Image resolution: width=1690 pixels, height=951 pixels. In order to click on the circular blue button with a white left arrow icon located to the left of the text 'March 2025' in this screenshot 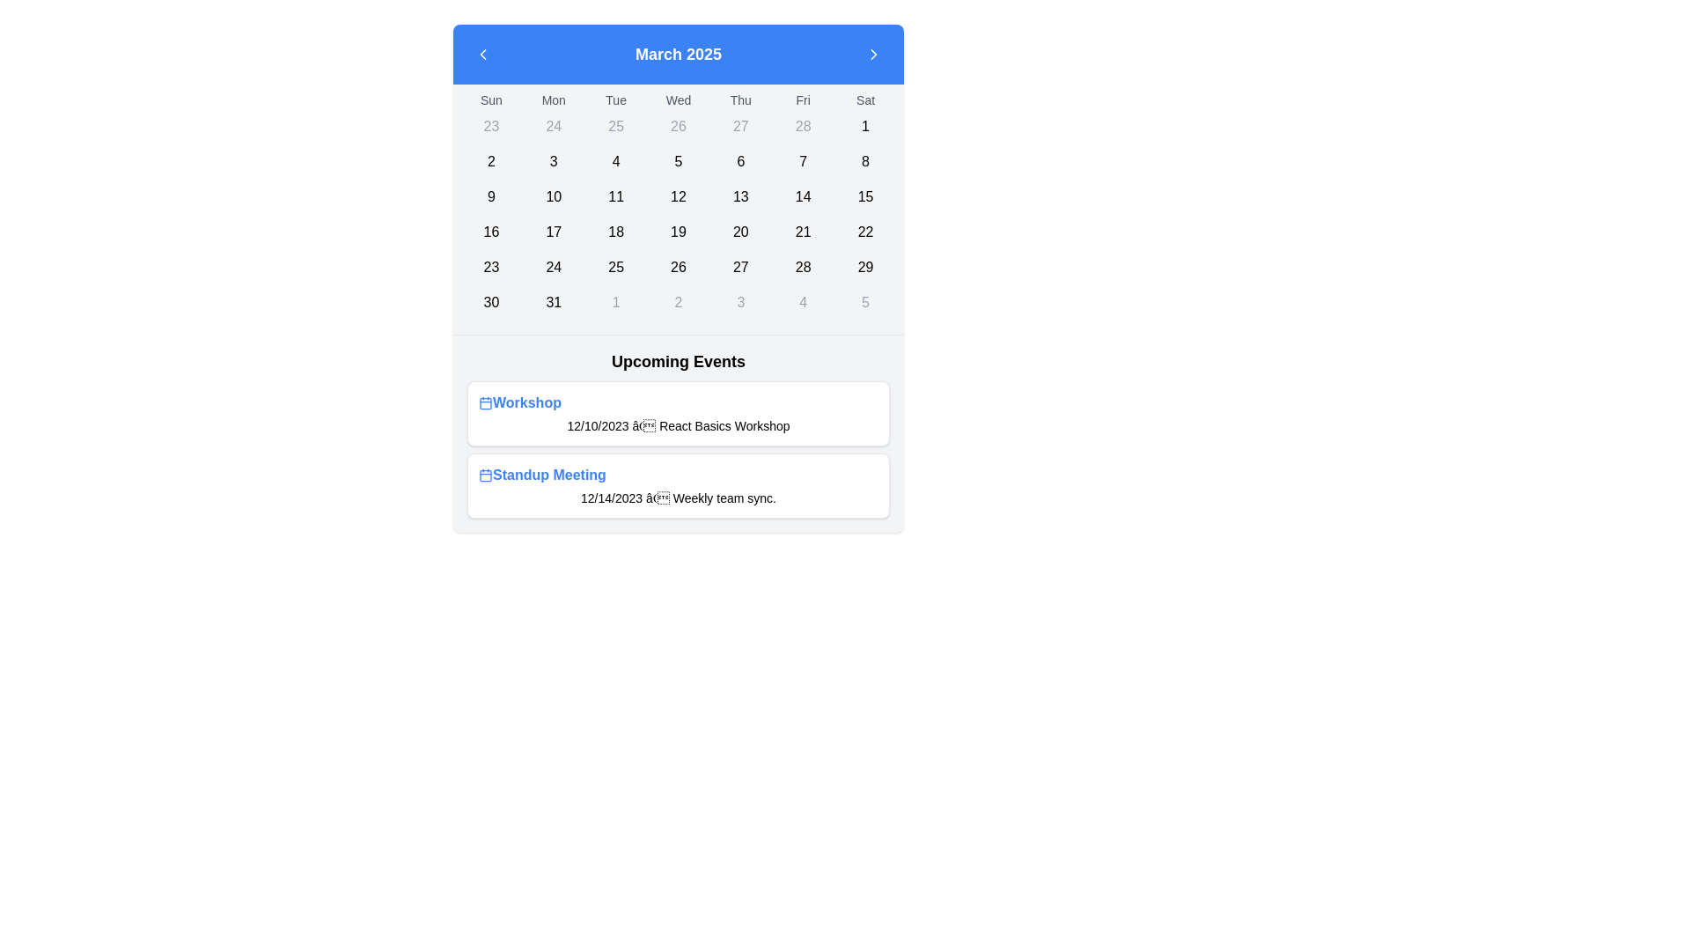, I will do `click(482, 53)`.